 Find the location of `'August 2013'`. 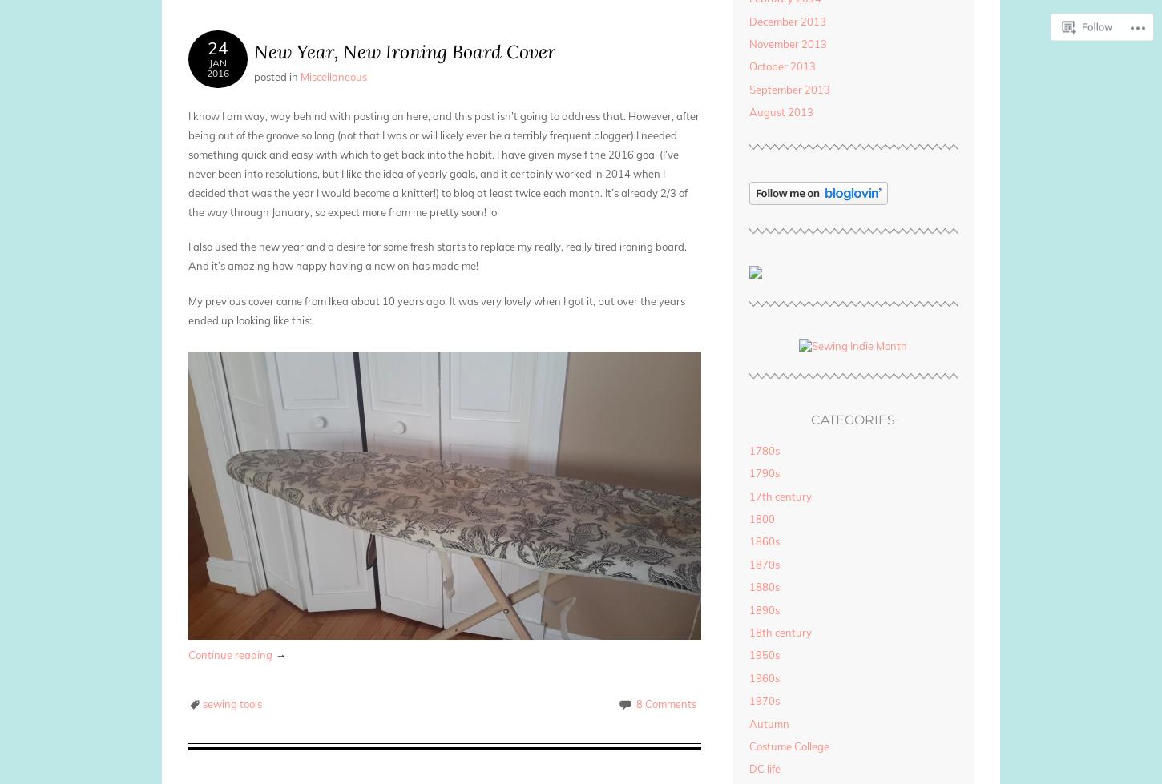

'August 2013' is located at coordinates (780, 111).